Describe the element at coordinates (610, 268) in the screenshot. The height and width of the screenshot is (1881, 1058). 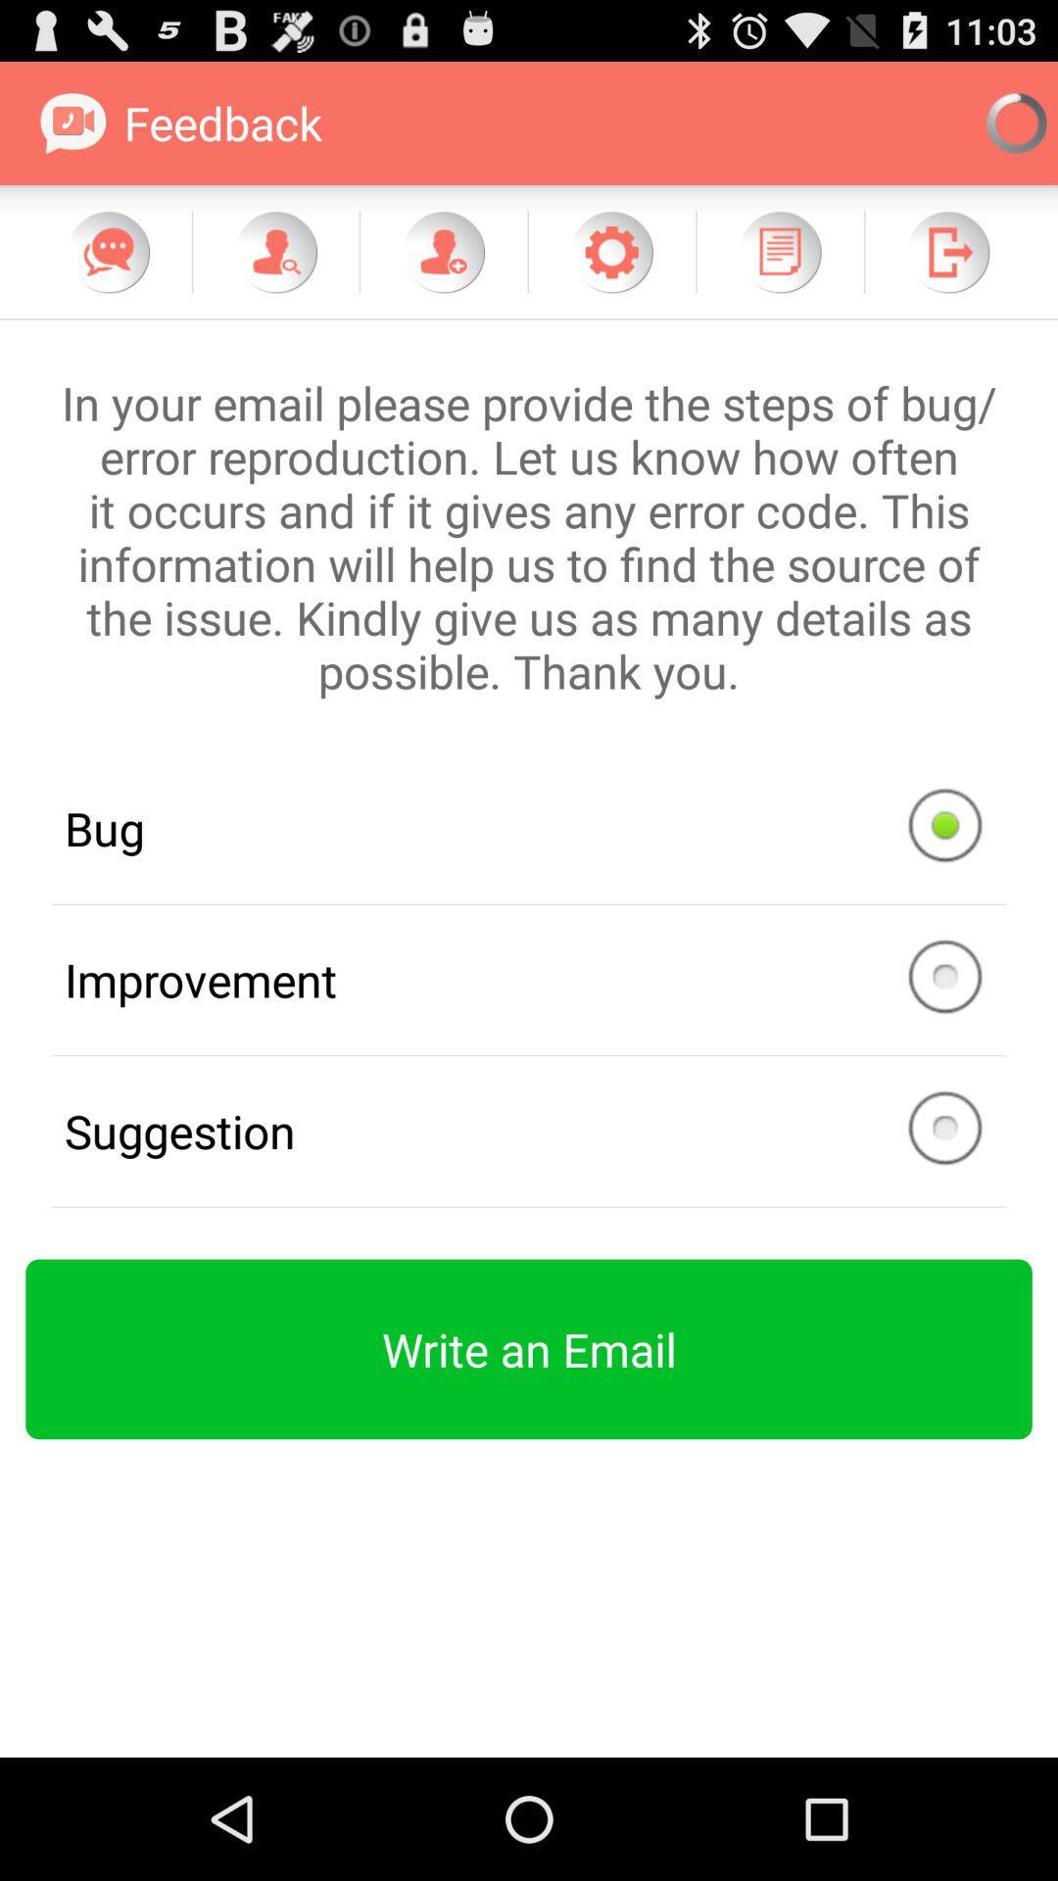
I see `the settings icon` at that location.